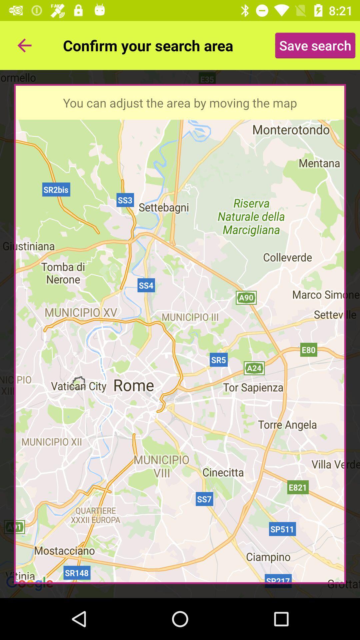  What do you see at coordinates (315, 45) in the screenshot?
I see `the save search icon` at bounding box center [315, 45].